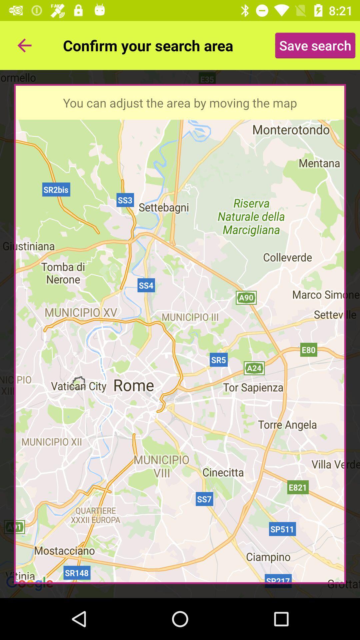  What do you see at coordinates (315, 45) in the screenshot?
I see `the save search icon` at bounding box center [315, 45].